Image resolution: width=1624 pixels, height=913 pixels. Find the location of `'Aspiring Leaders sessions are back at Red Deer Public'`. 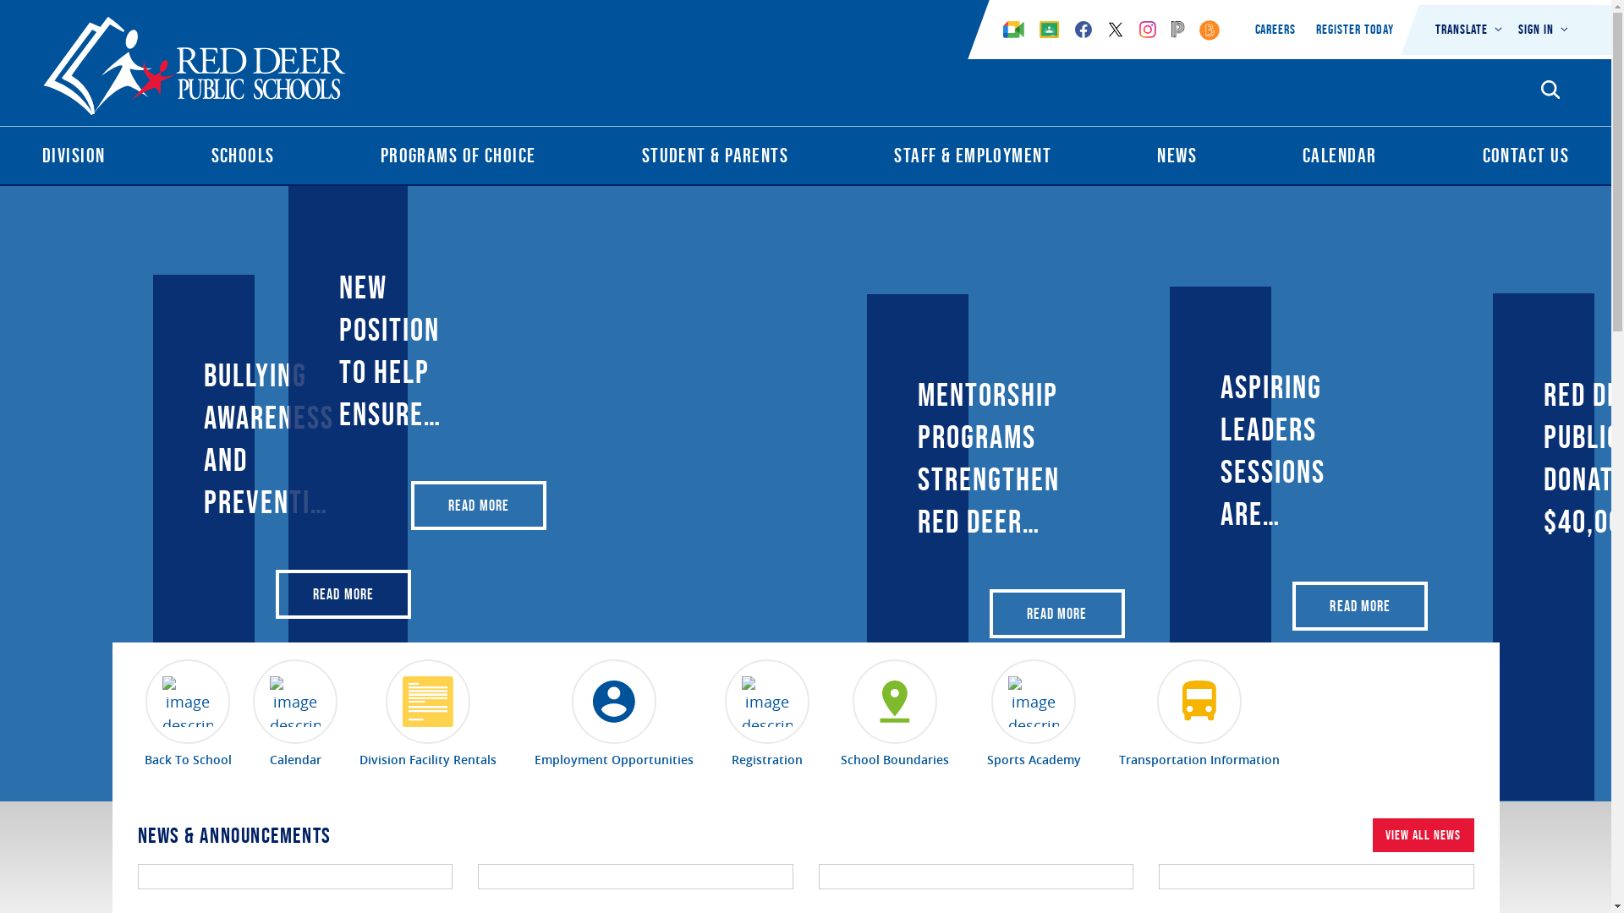

'Aspiring Leaders sessions are back at Red Deer Public' is located at coordinates (1221, 449).